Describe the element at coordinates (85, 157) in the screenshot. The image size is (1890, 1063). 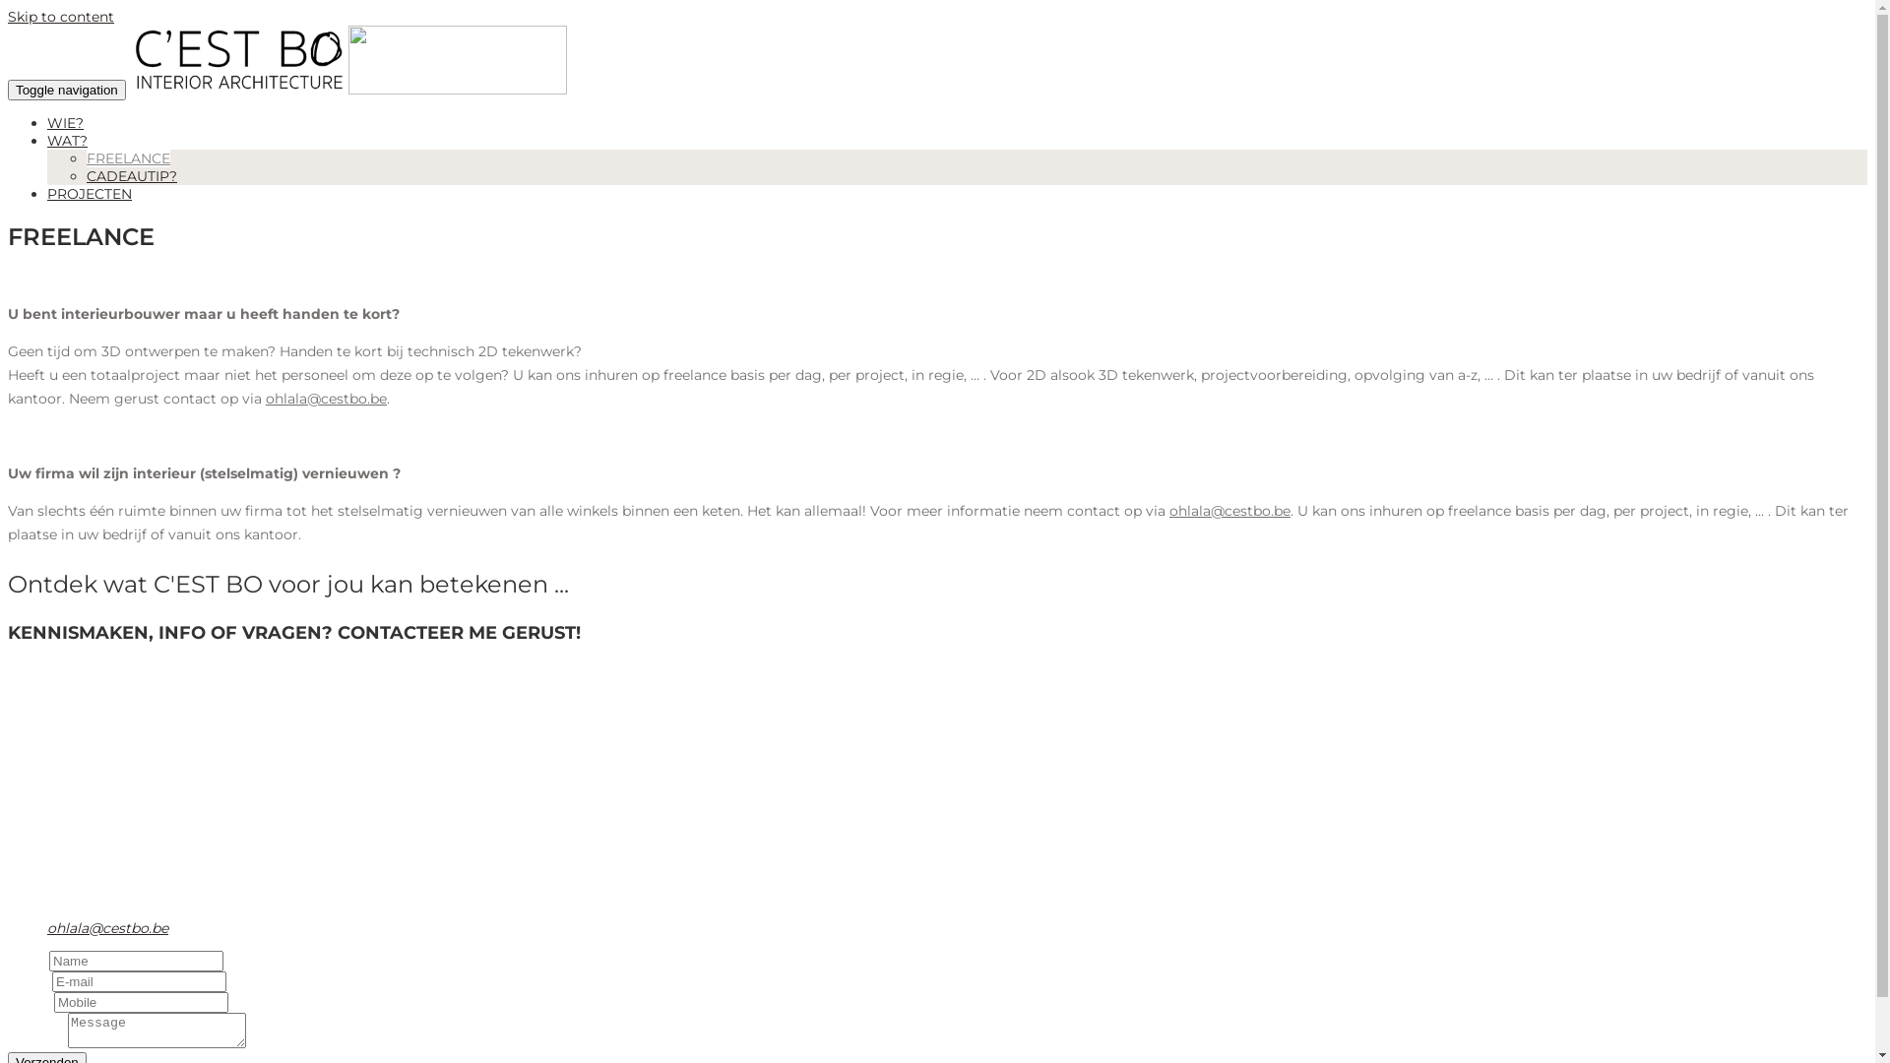
I see `'FREELANCE'` at that location.